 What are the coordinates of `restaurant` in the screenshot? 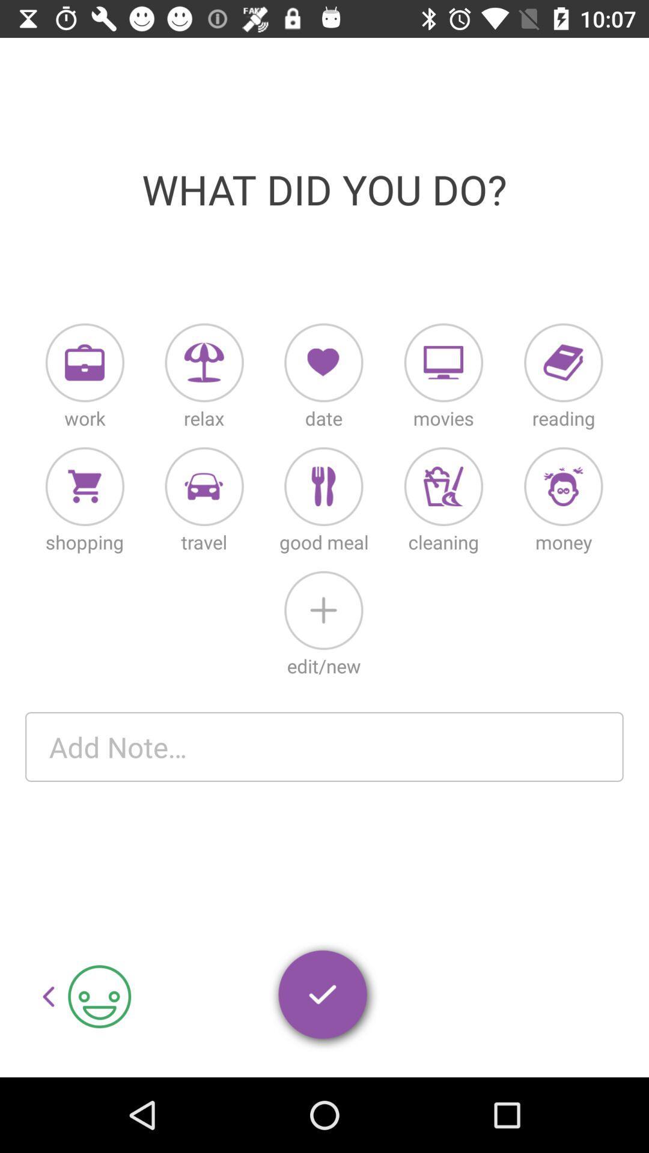 It's located at (323, 486).